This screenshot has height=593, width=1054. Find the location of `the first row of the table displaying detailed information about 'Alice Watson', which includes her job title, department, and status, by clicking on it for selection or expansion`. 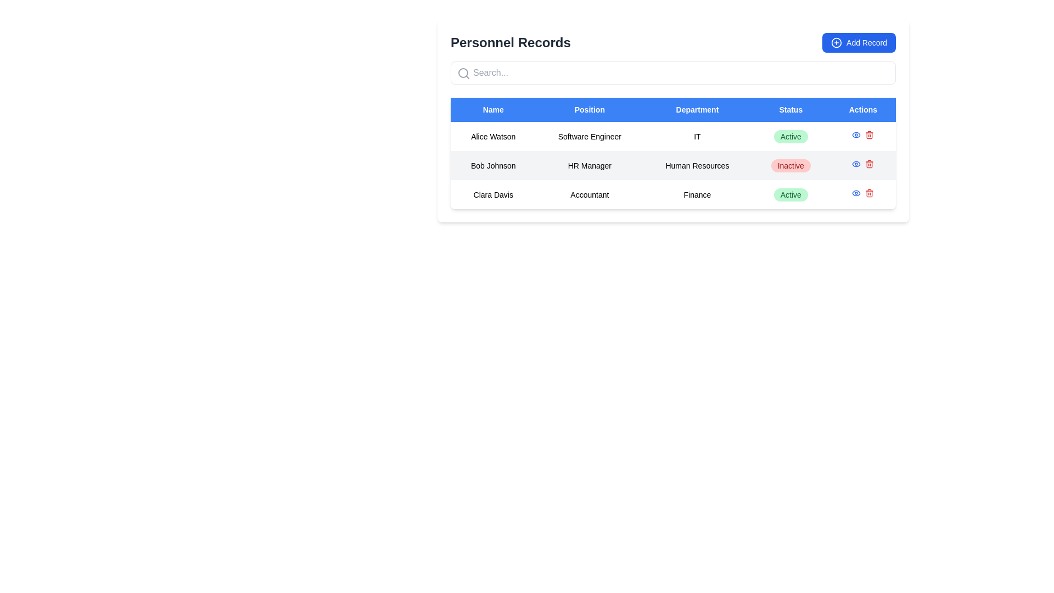

the first row of the table displaying detailed information about 'Alice Watson', which includes her job title, department, and status, by clicking on it for selection or expansion is located at coordinates (672, 136).